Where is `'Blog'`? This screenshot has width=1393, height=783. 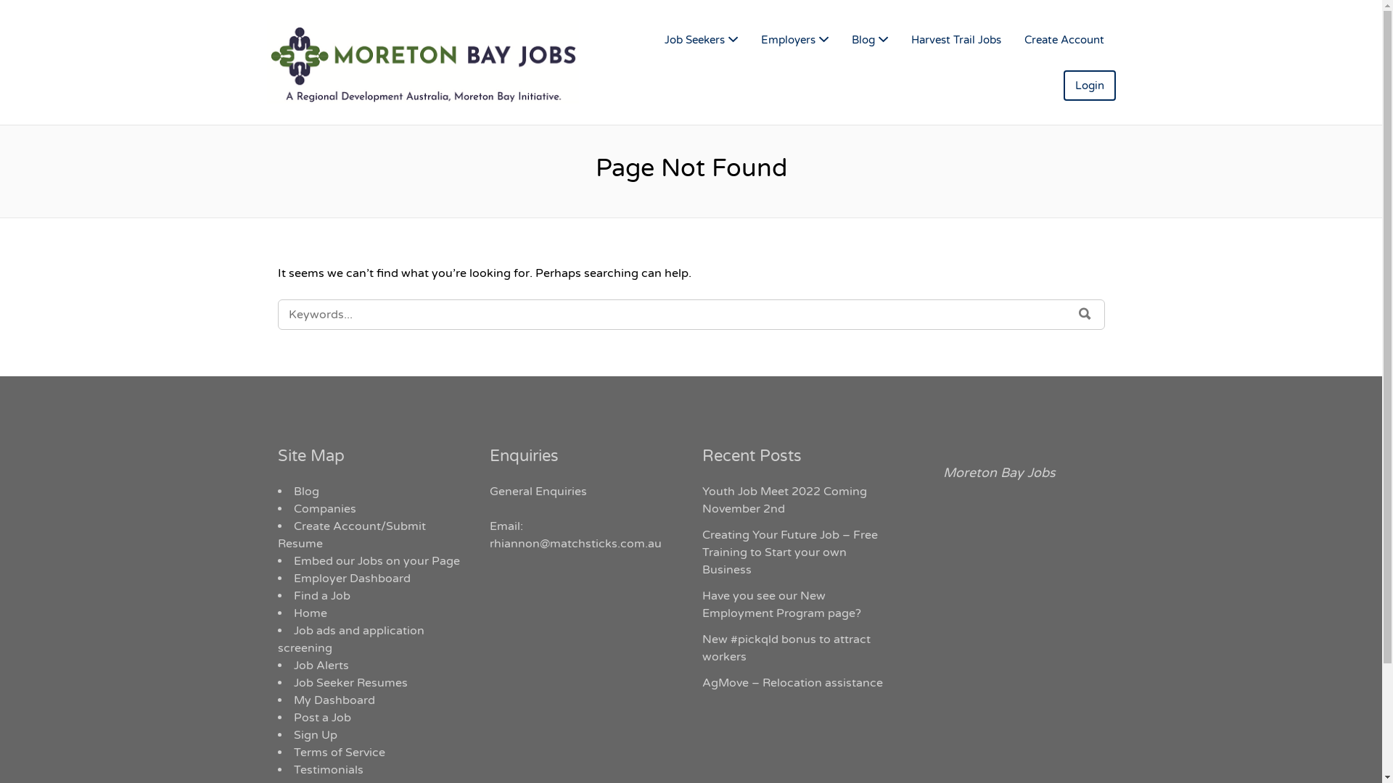 'Blog' is located at coordinates (839, 39).